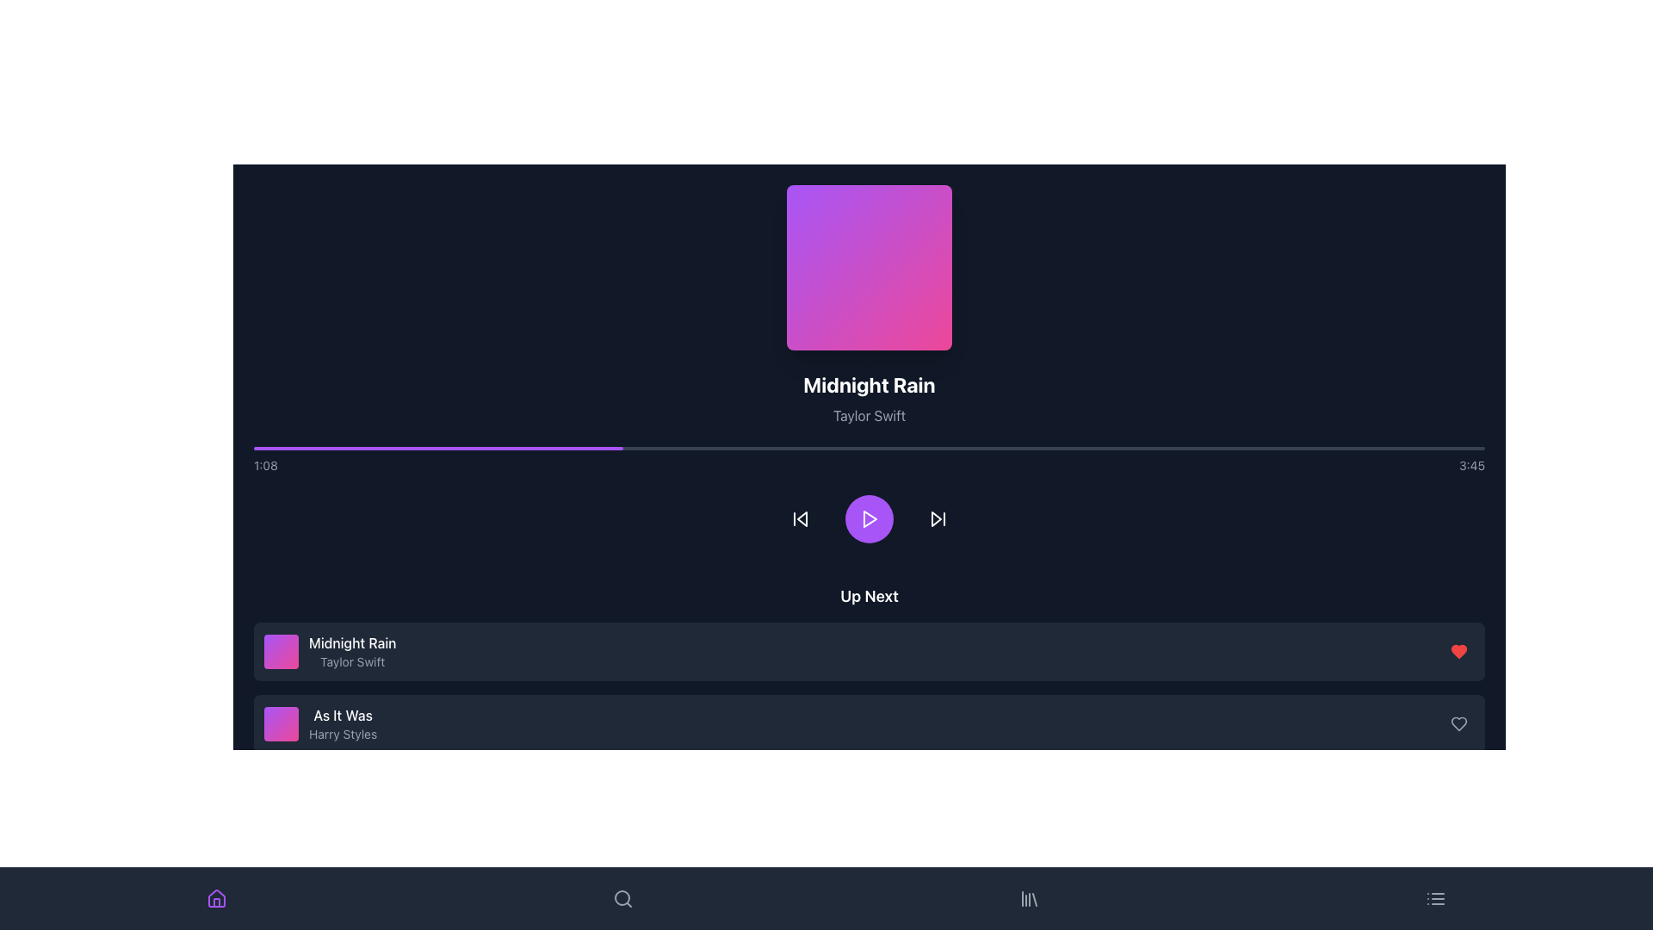  What do you see at coordinates (264, 465) in the screenshot?
I see `time displayed on the light gray text label showing '1:08', positioned left of the progress bar at the bottom of the player interface` at bounding box center [264, 465].